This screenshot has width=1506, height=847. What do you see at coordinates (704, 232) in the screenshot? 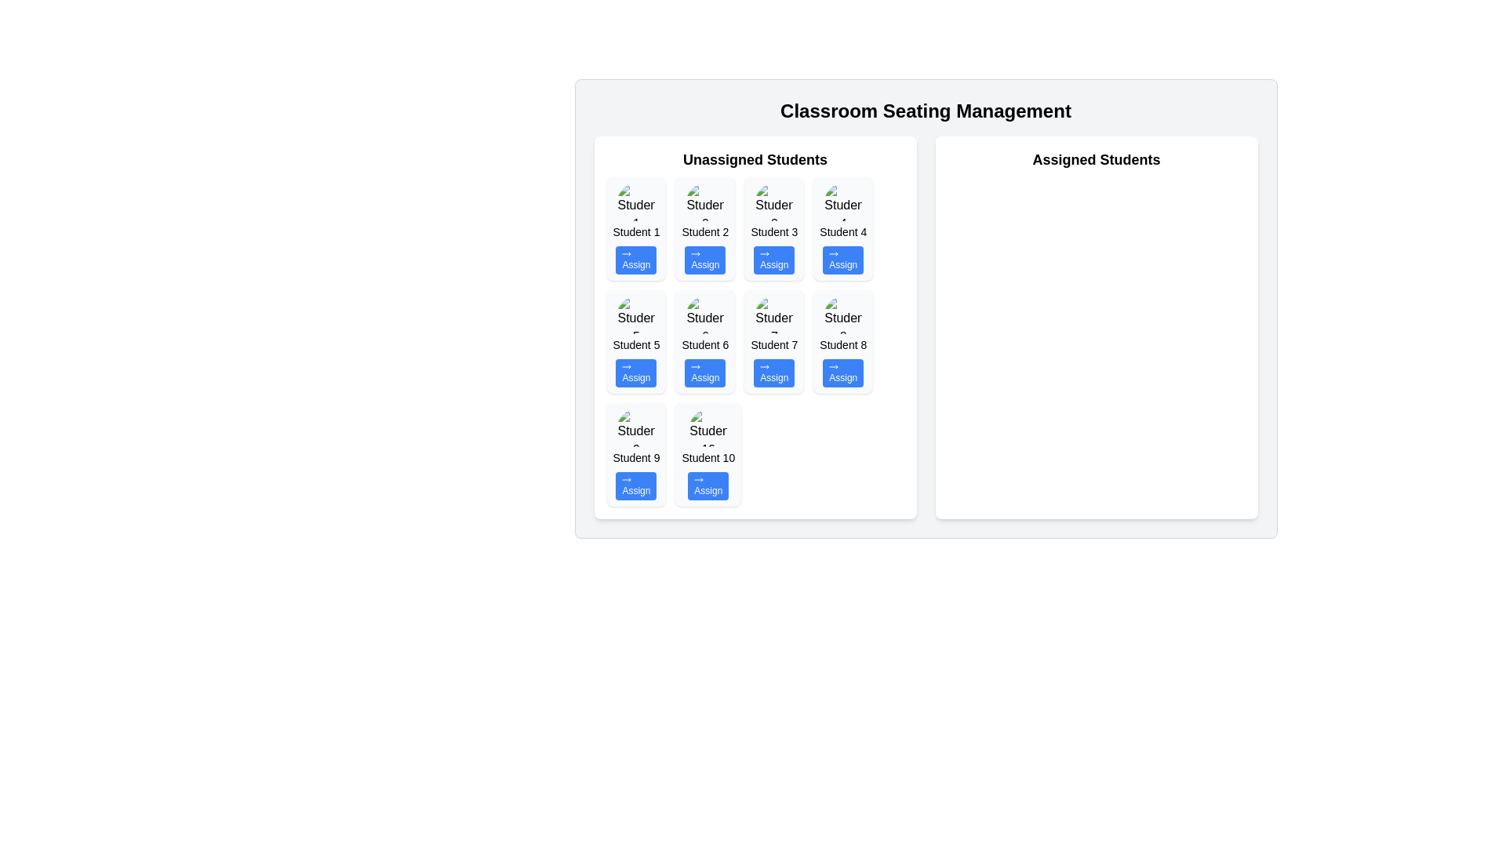
I see `the label displaying 'Student 2' located in the third column of the 'Unassigned Students' list box, which appears beneath the student's avatar and above the 'Assign' button` at bounding box center [704, 232].